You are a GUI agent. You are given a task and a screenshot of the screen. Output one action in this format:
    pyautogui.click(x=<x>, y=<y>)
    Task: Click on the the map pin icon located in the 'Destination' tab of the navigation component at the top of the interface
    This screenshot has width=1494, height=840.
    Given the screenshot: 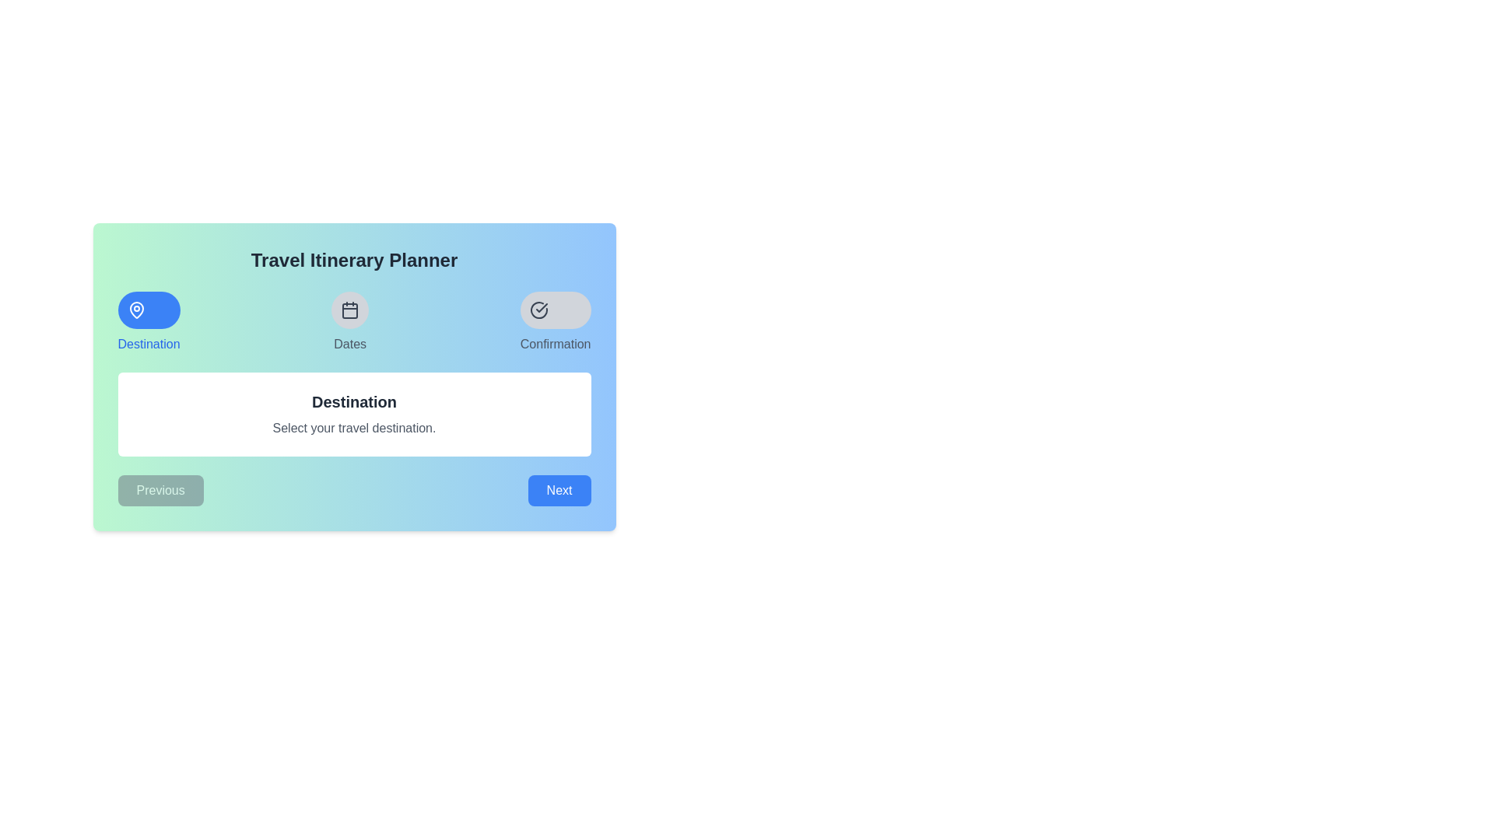 What is the action you would take?
    pyautogui.click(x=136, y=310)
    